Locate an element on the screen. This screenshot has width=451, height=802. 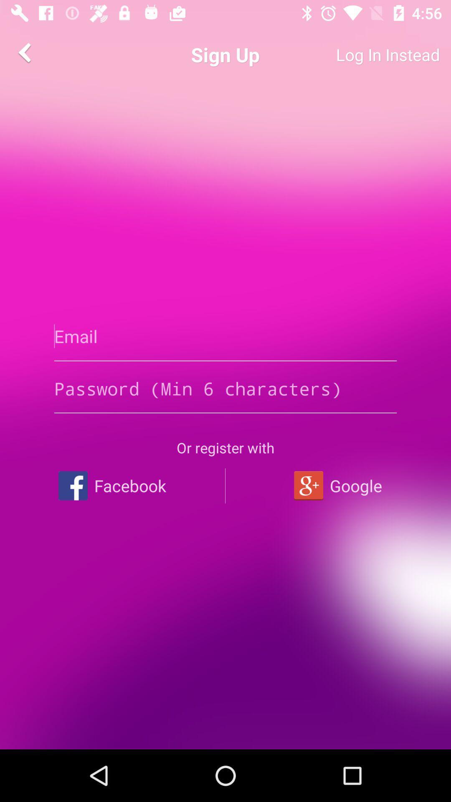
log in instead item is located at coordinates (357, 54).